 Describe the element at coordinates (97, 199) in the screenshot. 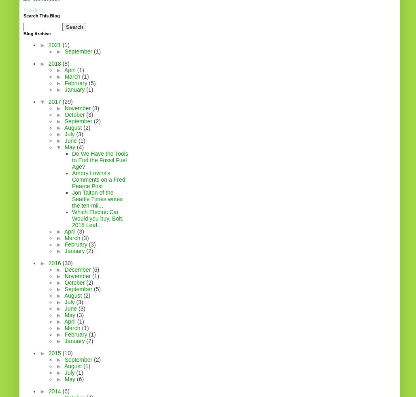

I see `'Jon Talton of the Seattle Times writes the ten-mil...'` at that location.